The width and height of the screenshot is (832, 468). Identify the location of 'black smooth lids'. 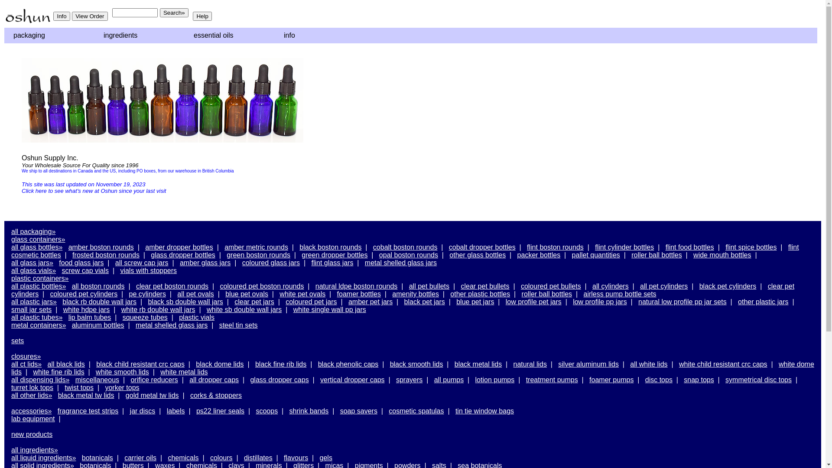
(390, 364).